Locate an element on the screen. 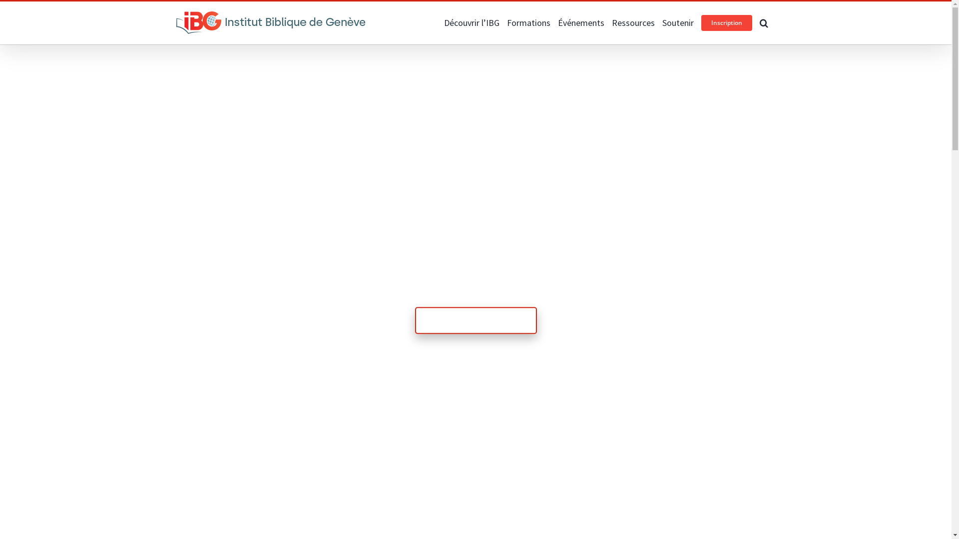 This screenshot has width=959, height=539. 'Facebook' is located at coordinates (180, 11).